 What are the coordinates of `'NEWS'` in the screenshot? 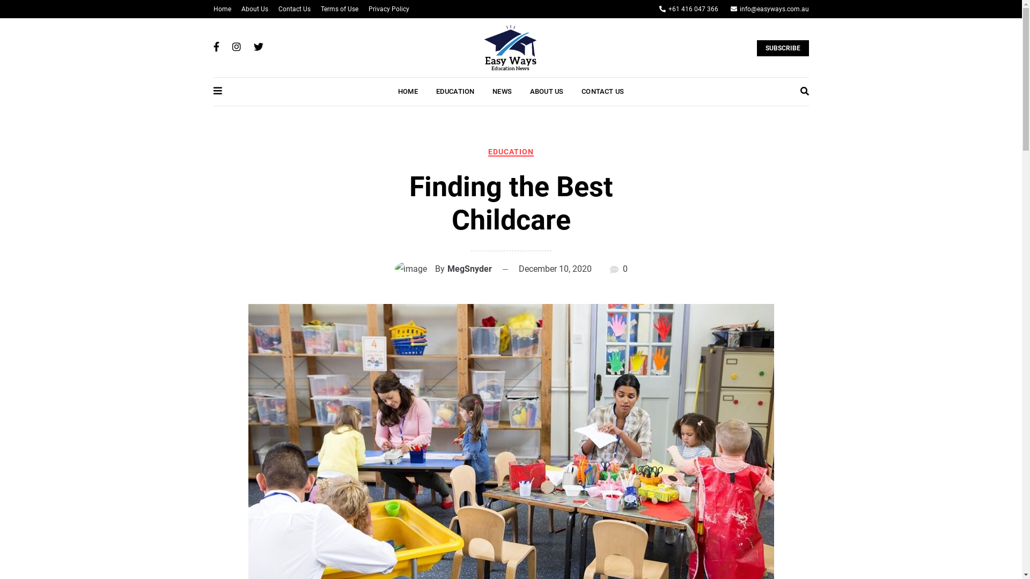 It's located at (502, 91).